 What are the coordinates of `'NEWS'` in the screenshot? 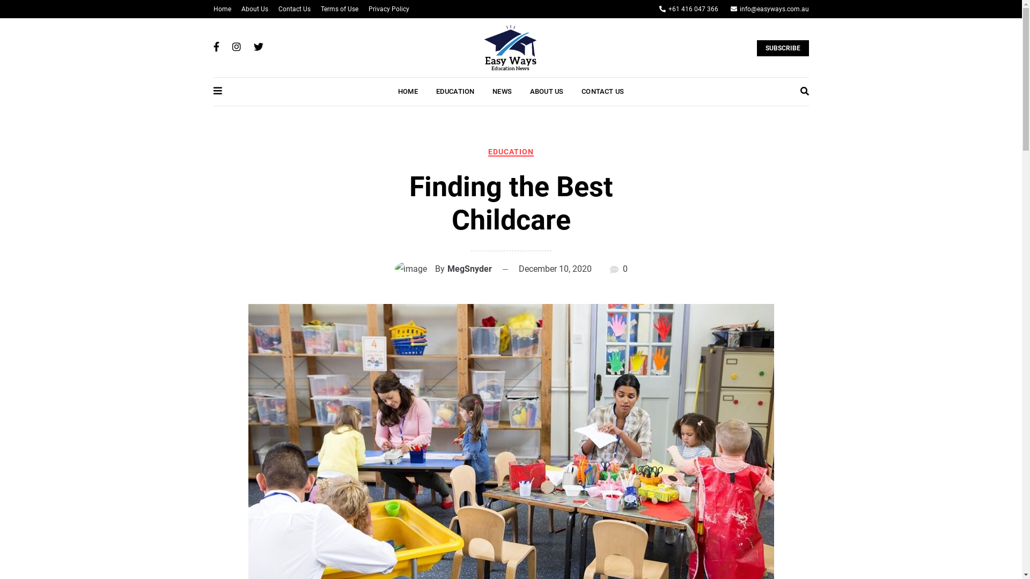 It's located at (502, 91).